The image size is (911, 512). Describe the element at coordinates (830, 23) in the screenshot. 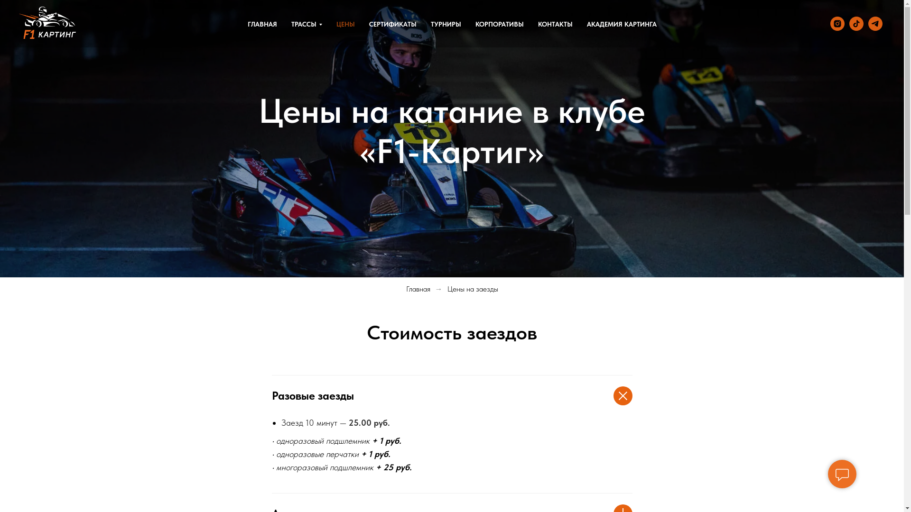

I see `'Instagram'` at that location.